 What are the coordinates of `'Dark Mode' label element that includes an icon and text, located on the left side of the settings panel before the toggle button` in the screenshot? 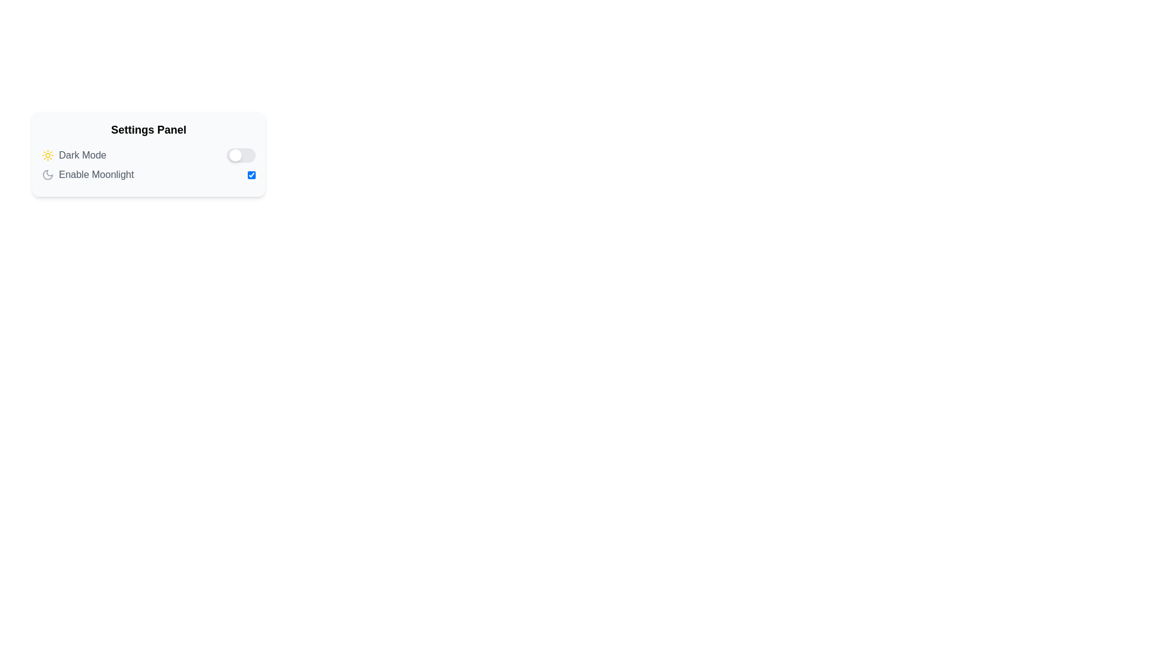 It's located at (73, 154).